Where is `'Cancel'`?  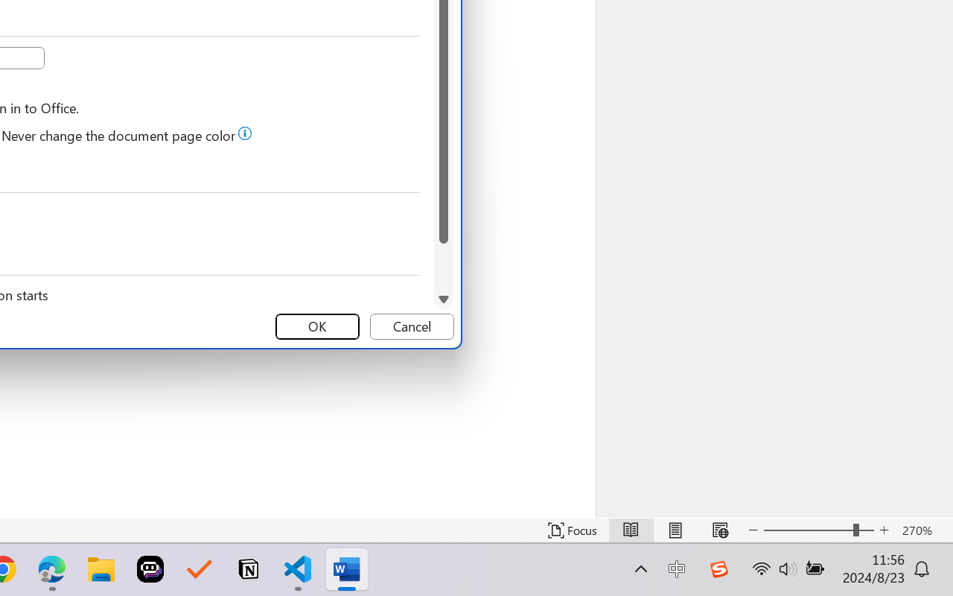 'Cancel' is located at coordinates (412, 326).